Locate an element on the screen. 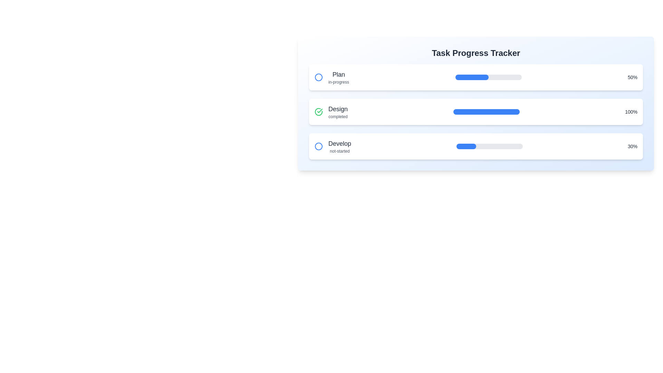  the progress of the rounded blue progress bar segment, which represents 50% completion in the 'Plan' section of the 'Task Progress Tracker' interface is located at coordinates (471, 77).